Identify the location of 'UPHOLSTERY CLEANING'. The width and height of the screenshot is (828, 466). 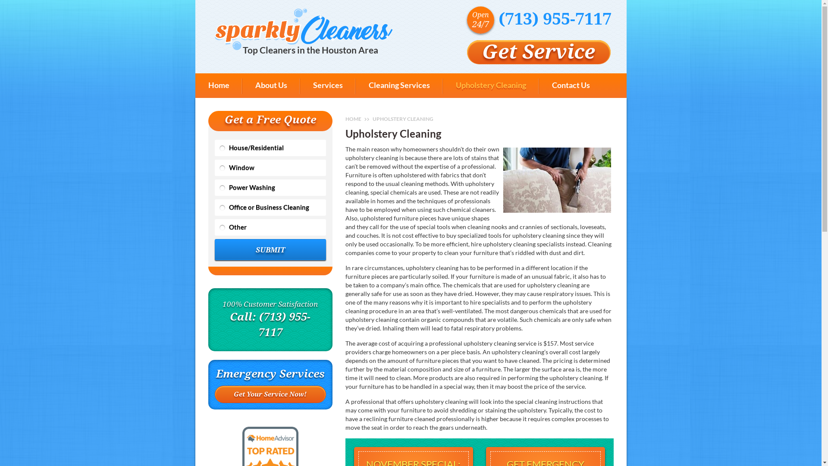
(402, 119).